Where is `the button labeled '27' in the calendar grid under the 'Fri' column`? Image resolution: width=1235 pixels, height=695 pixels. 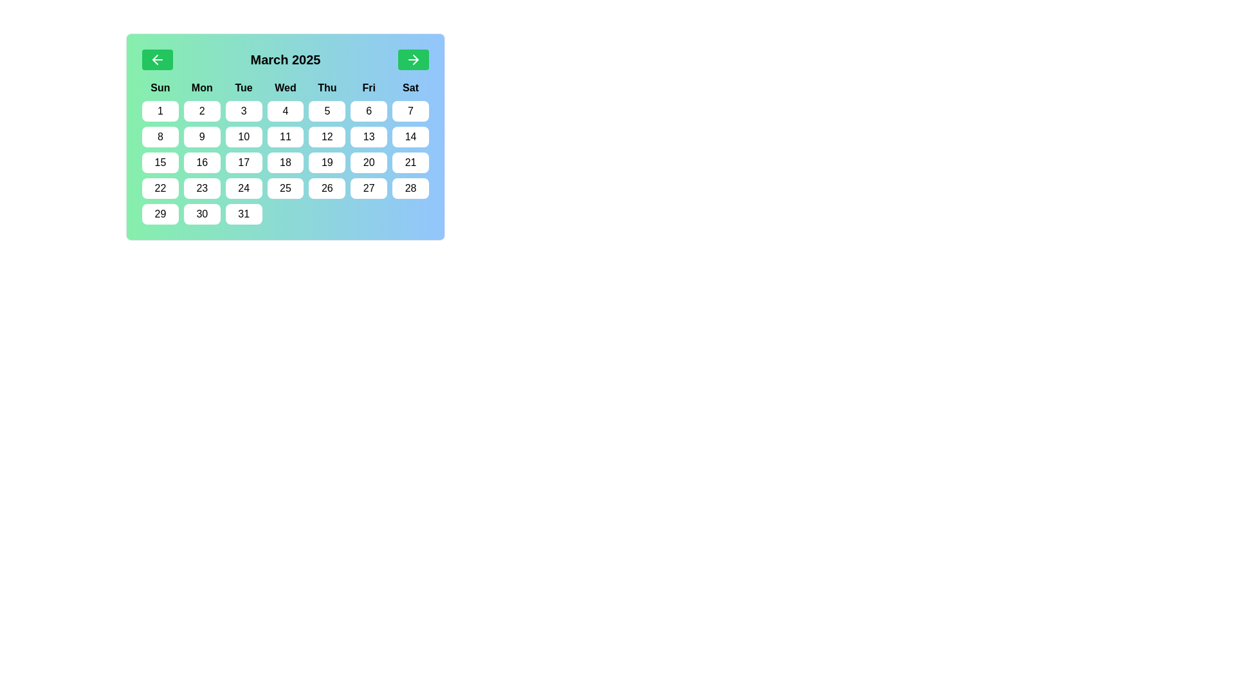 the button labeled '27' in the calendar grid under the 'Fri' column is located at coordinates (368, 189).